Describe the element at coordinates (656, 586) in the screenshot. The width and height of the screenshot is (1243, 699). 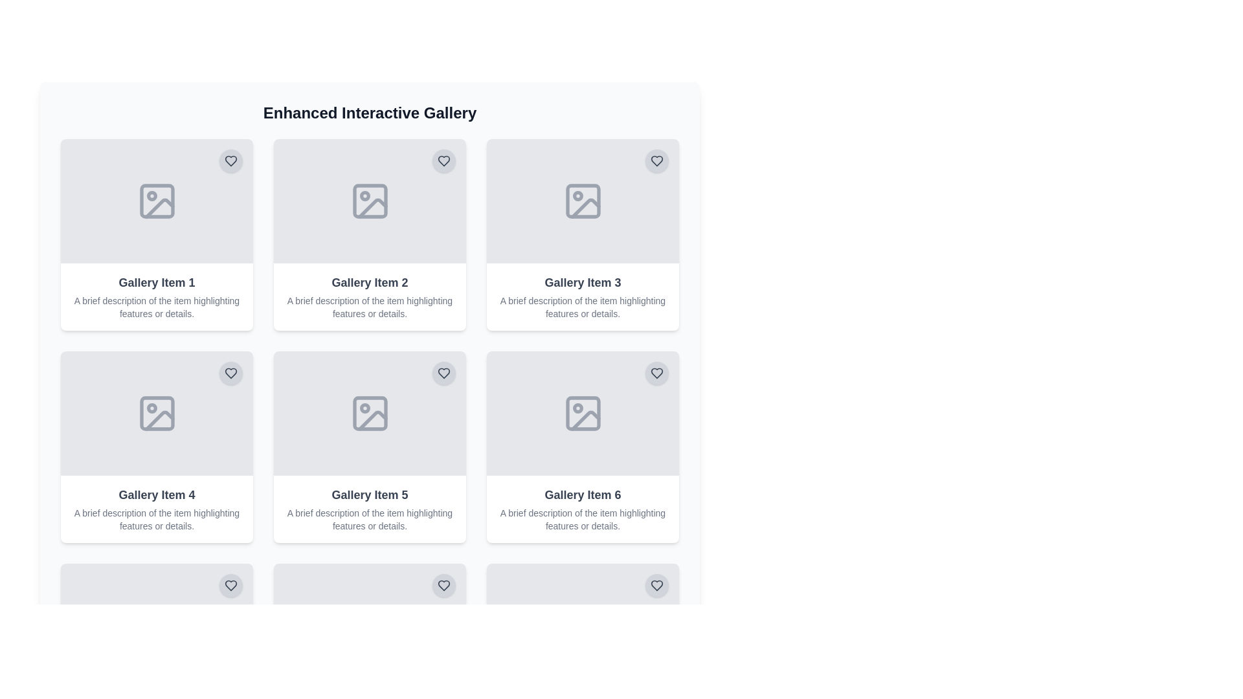
I see `the 'favorite' button located in the top right corner of the sixth gallery item to mark it as liked` at that location.